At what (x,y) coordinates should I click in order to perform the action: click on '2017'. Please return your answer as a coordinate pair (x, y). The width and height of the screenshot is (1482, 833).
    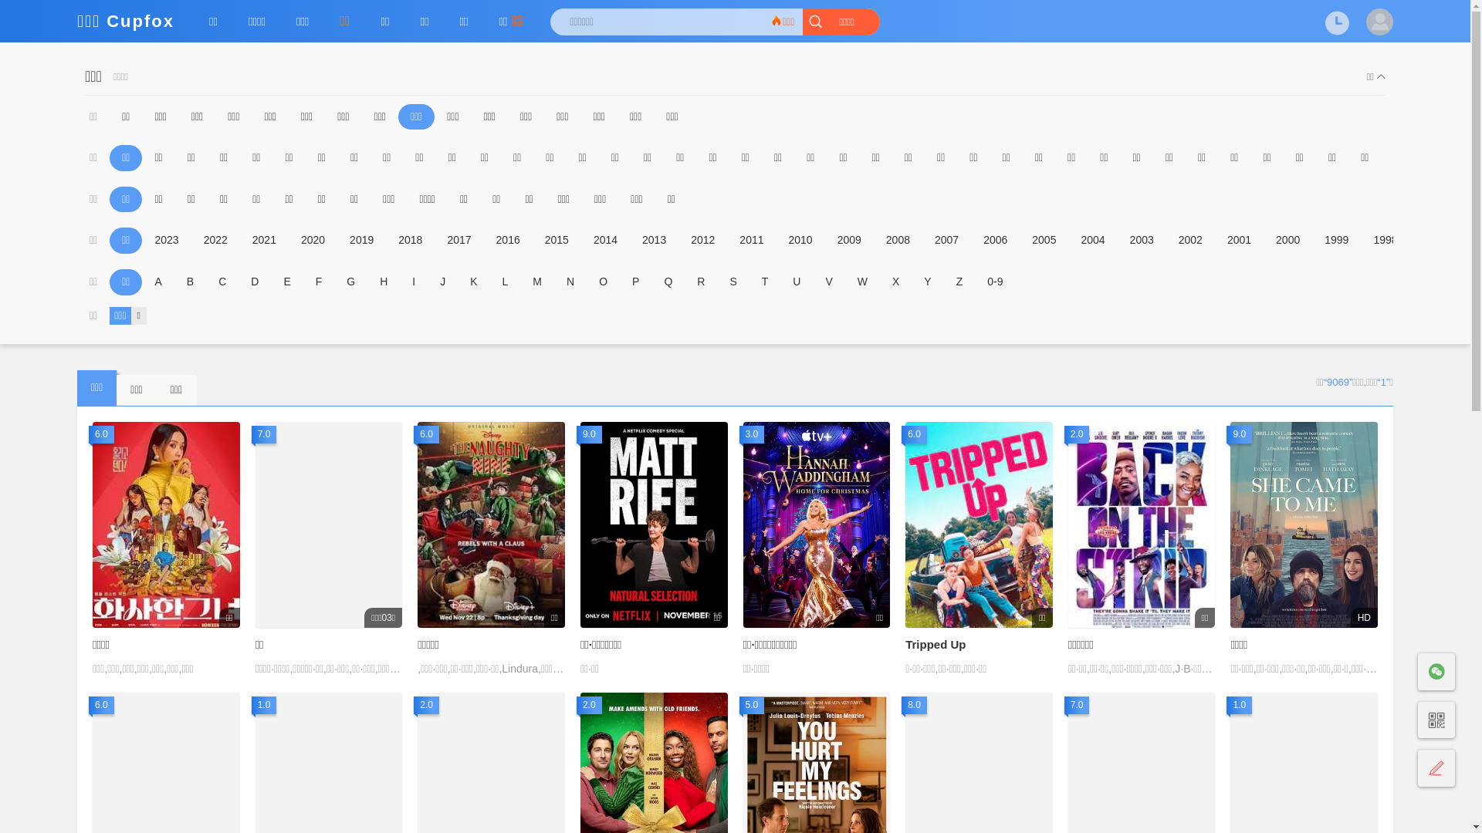
    Looking at the image, I should click on (433, 241).